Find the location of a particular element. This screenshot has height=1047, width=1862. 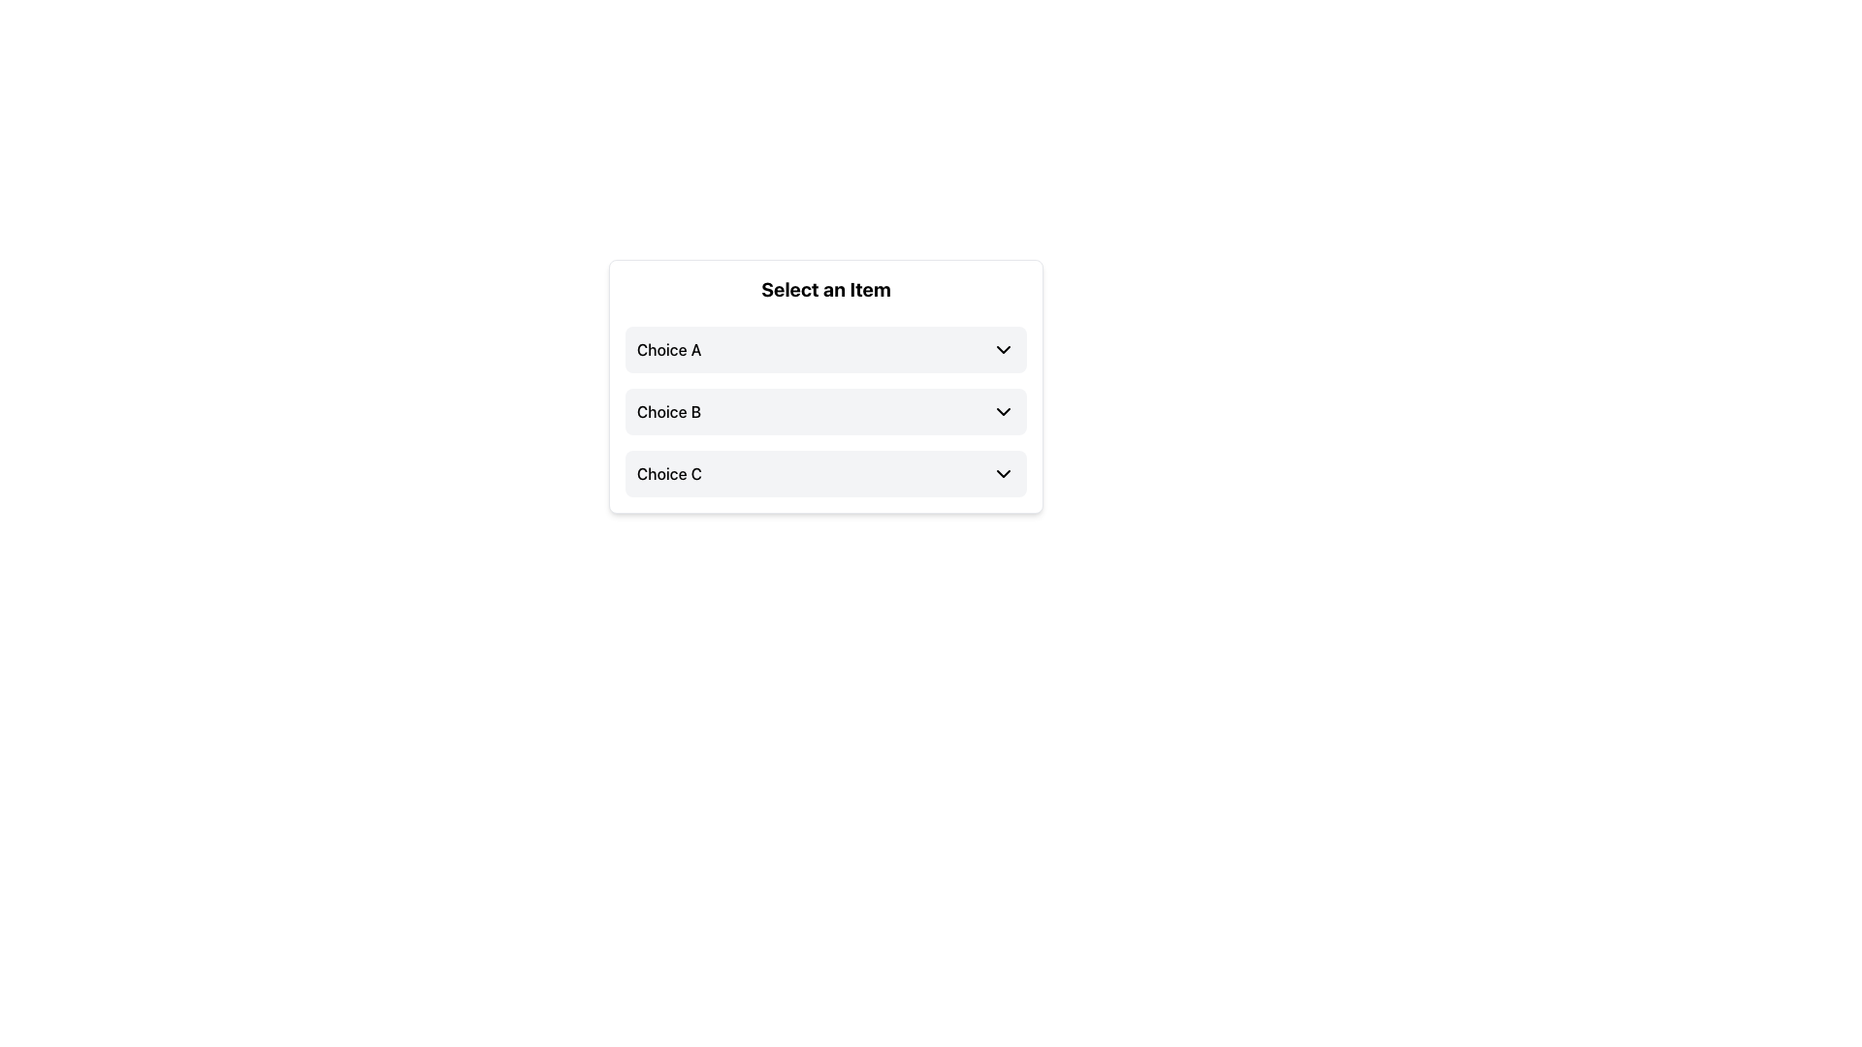

the dropdown menu item located between 'Choice A' and 'Choice C' is located at coordinates (825, 410).